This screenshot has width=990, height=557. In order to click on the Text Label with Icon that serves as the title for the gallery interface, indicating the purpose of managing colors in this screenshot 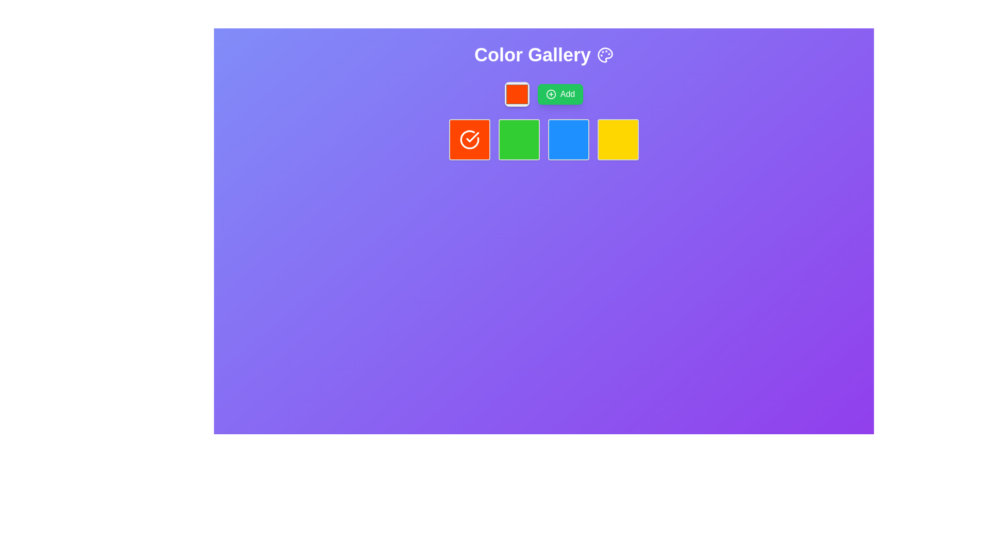, I will do `click(543, 55)`.